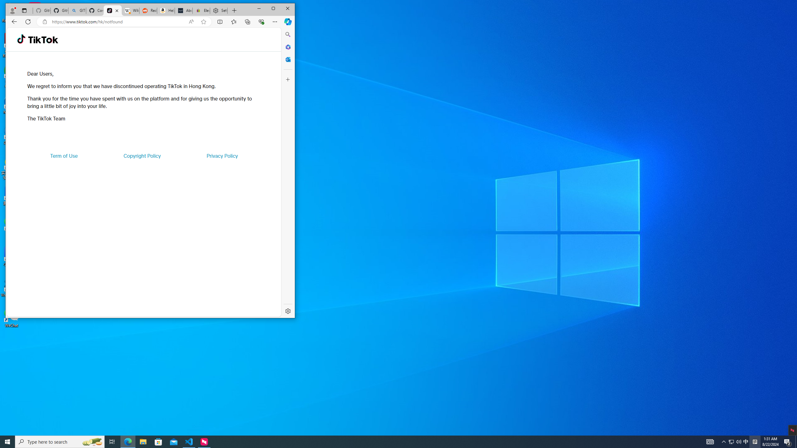  Describe the element at coordinates (166, 11) in the screenshot. I see `'Help & Contact Us - Amazon Customer Service'` at that location.